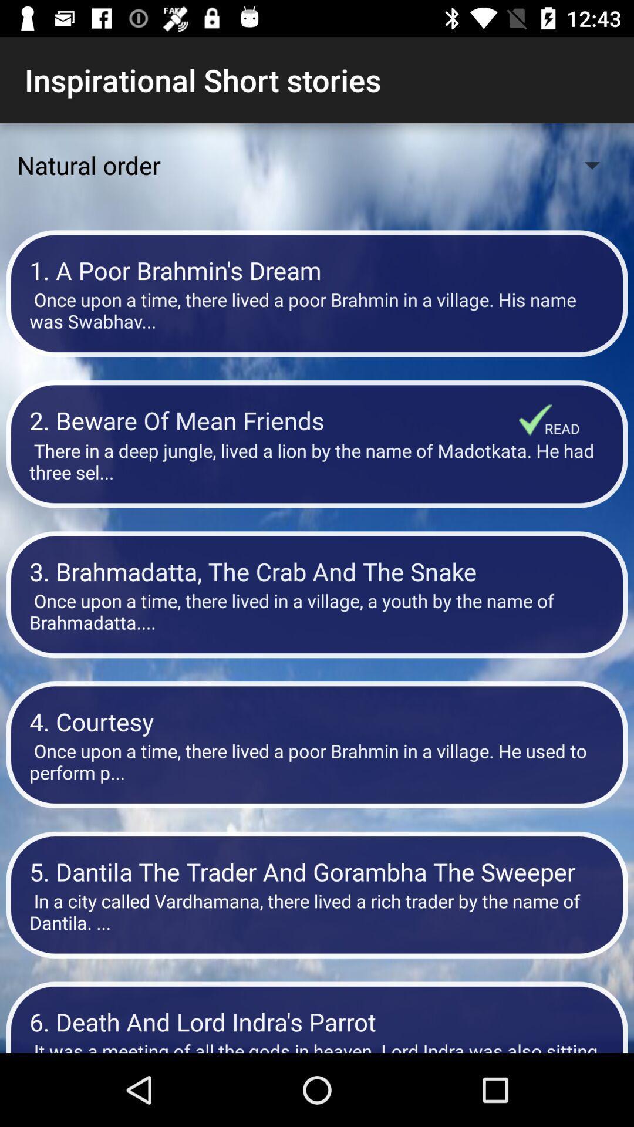 Image resolution: width=634 pixels, height=1127 pixels. What do you see at coordinates (317, 1021) in the screenshot?
I see `the 6 death and icon` at bounding box center [317, 1021].